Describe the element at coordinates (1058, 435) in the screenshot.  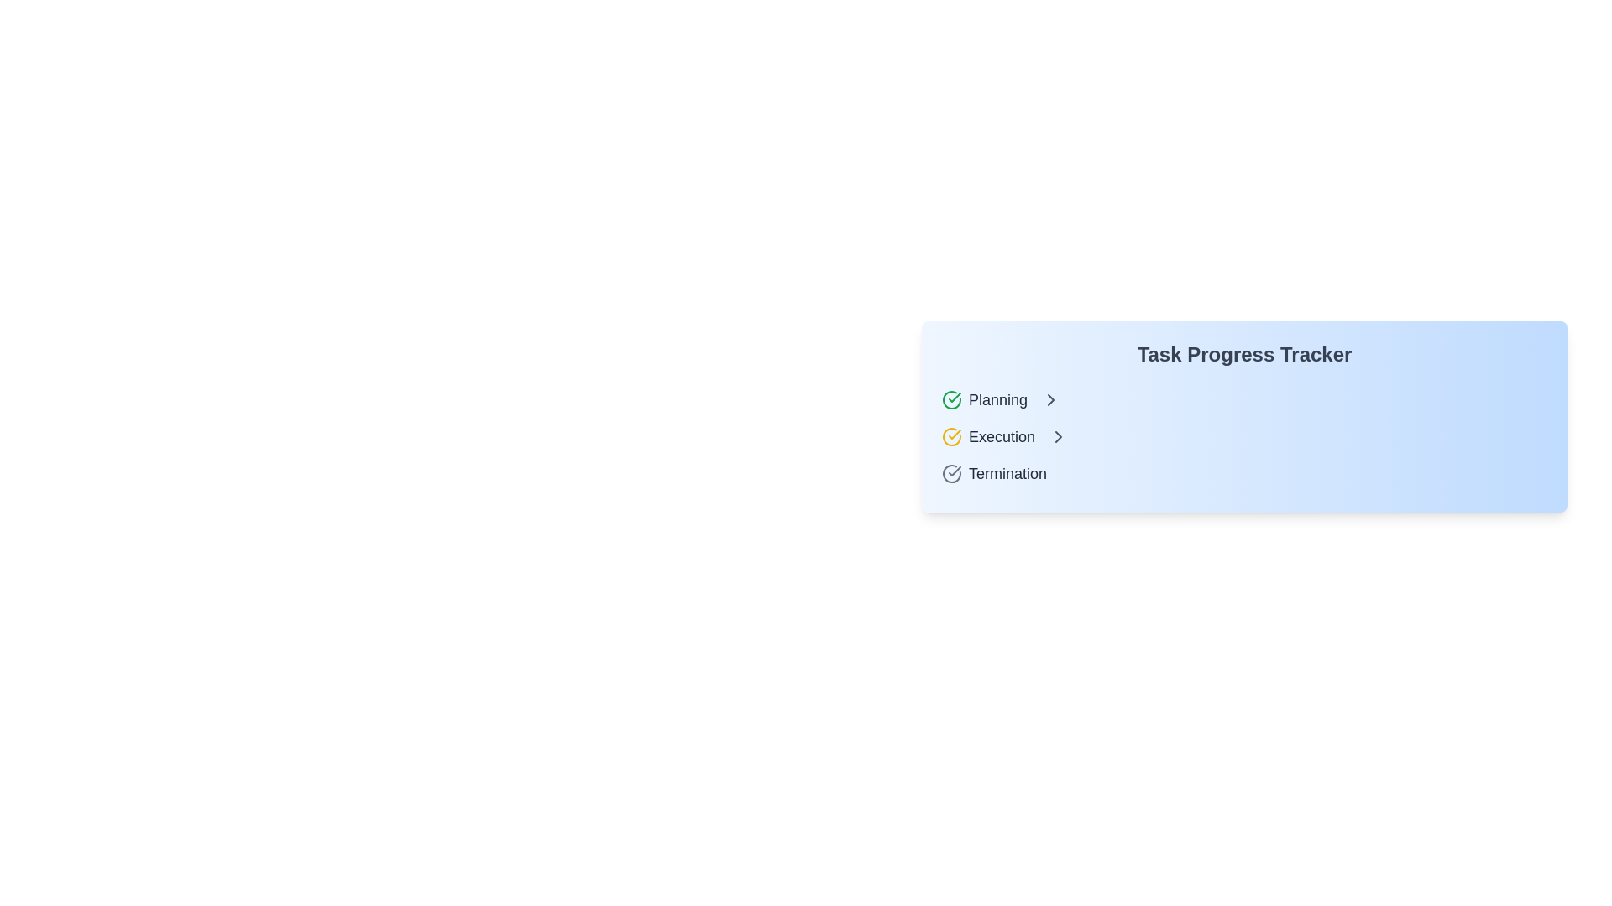
I see `the navigation icon located in the second row of the task progress tracker section, next to the 'Execution' label` at that location.